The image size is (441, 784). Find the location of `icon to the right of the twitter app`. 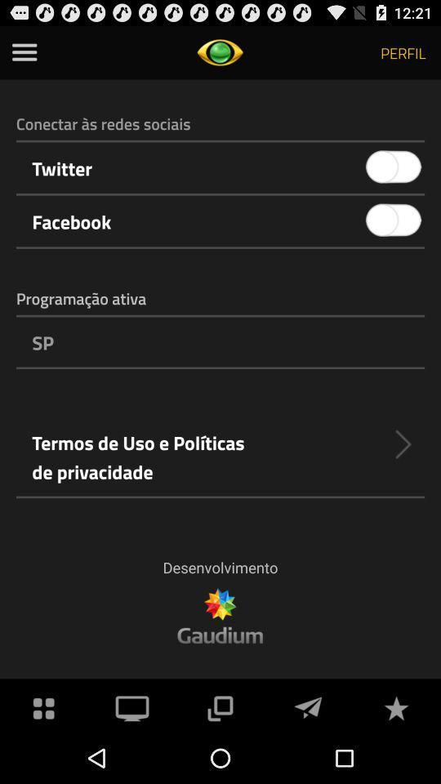

icon to the right of the twitter app is located at coordinates (393, 167).